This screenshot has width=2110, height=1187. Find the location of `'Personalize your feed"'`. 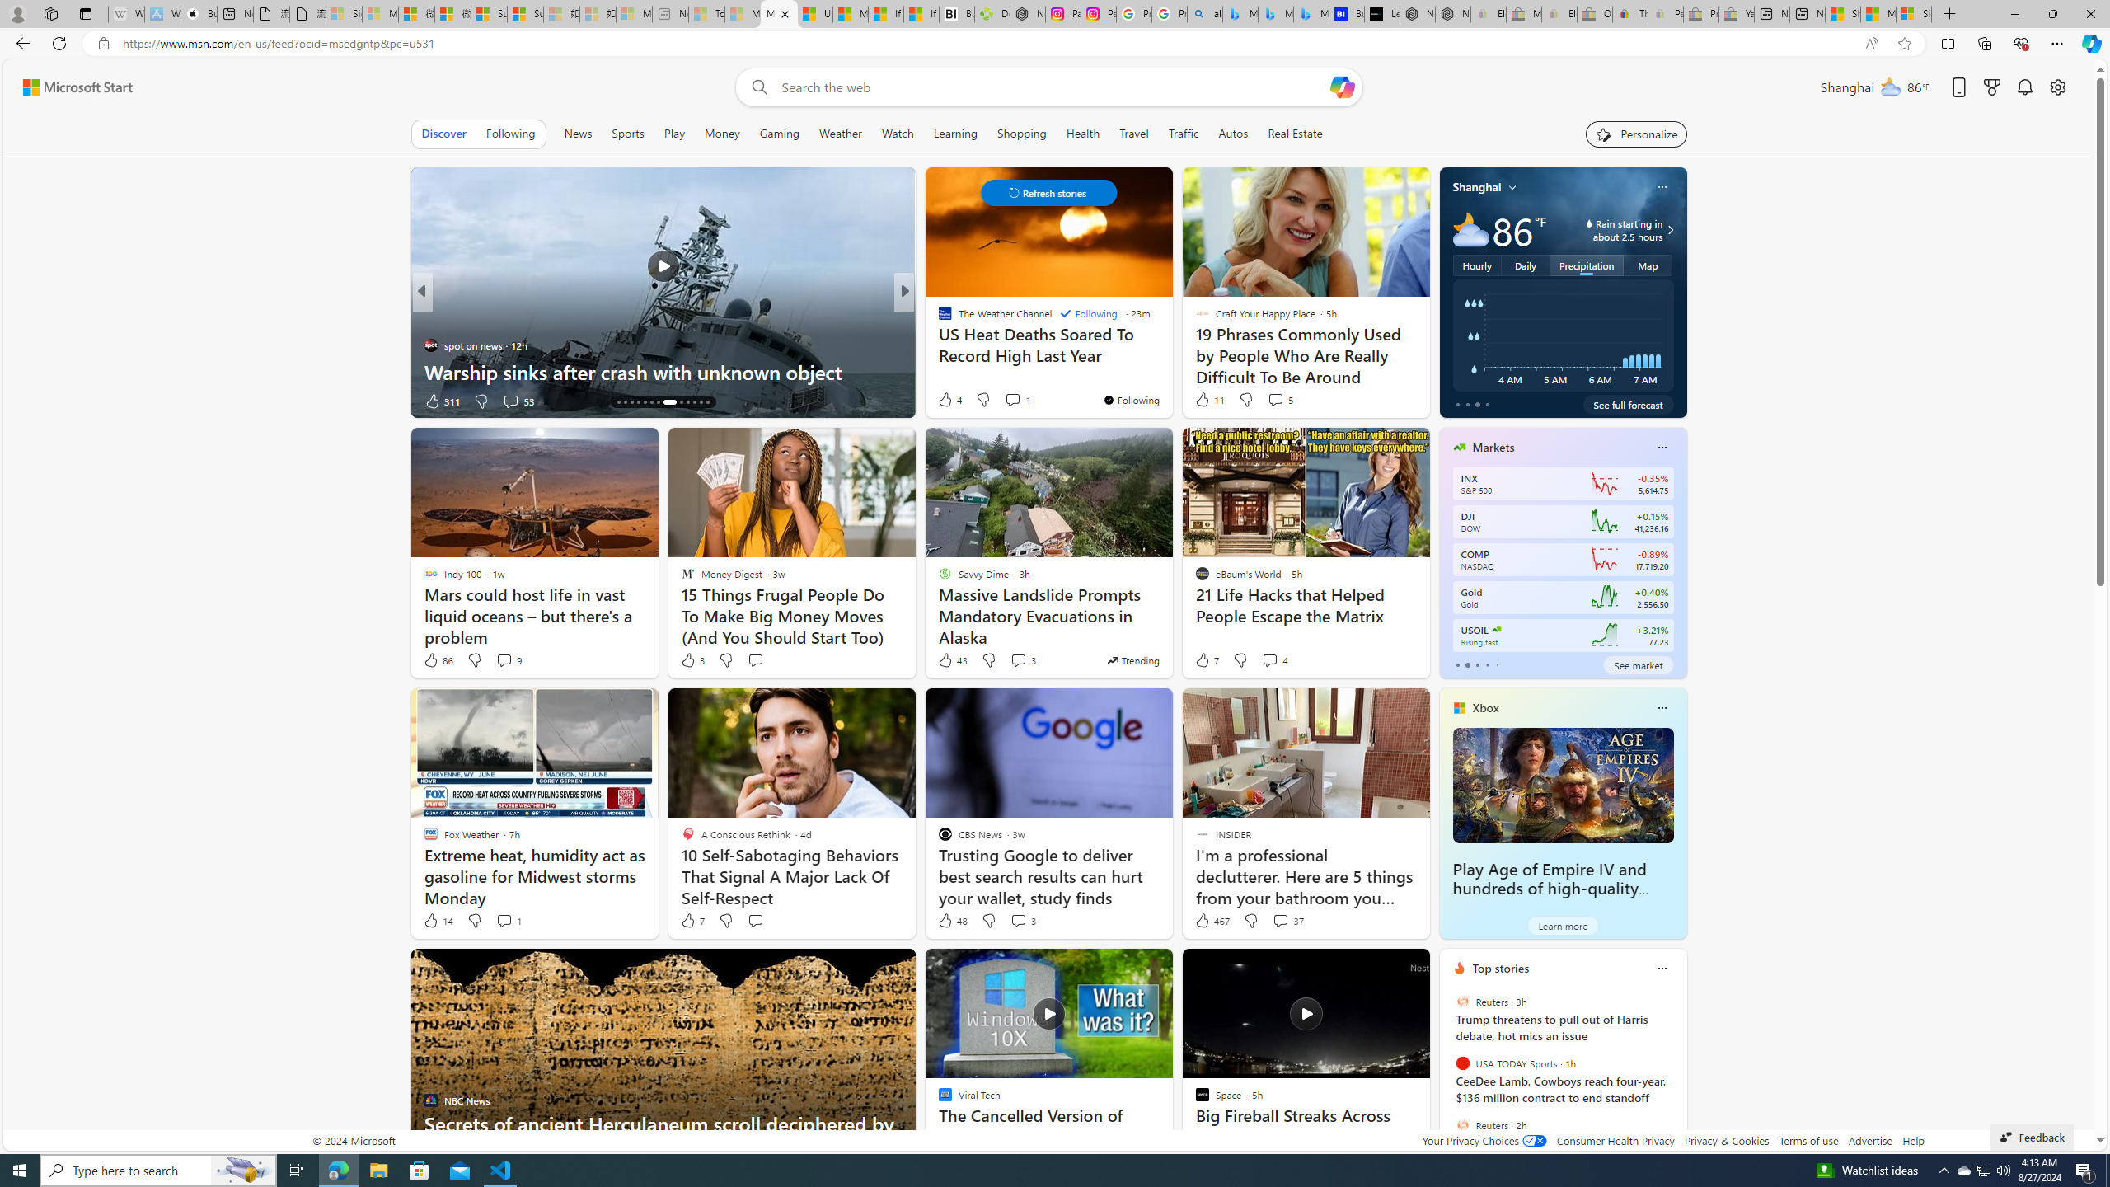

'Personalize your feed"' is located at coordinates (1636, 133).